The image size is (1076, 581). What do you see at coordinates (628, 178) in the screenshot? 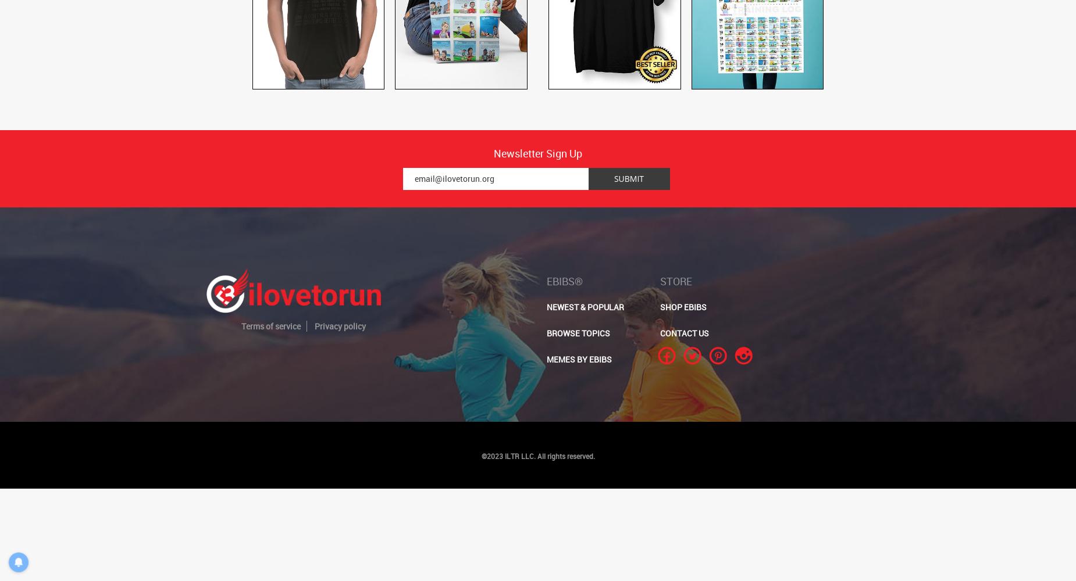
I see `'Submit'` at bounding box center [628, 178].